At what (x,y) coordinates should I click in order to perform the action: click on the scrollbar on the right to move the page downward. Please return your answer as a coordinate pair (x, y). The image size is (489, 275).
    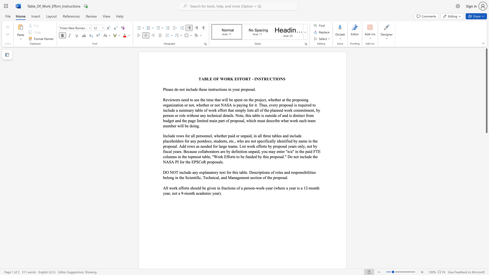
    Looking at the image, I should click on (486, 196).